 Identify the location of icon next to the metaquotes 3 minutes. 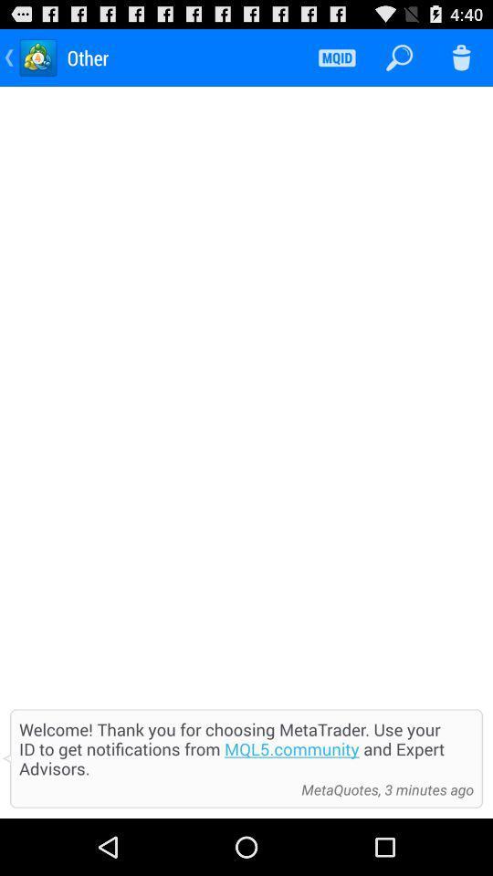
(155, 788).